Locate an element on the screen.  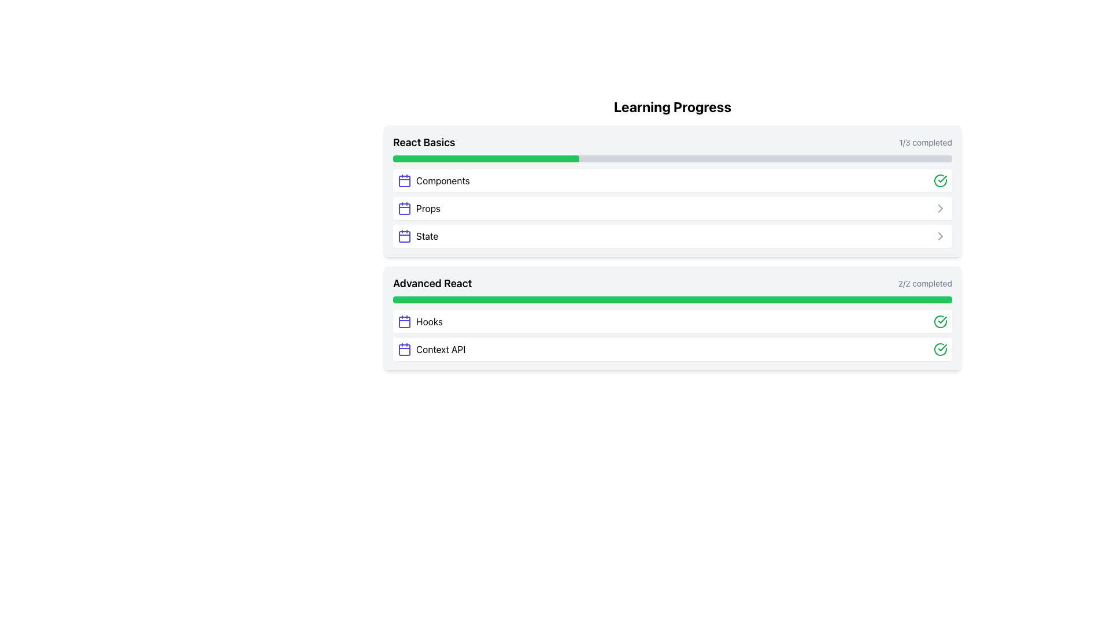
the completion indicator icon with a checkmark, which signifies the task completion for 'Context API' in the 'Advanced React' curriculum is located at coordinates (941, 349).